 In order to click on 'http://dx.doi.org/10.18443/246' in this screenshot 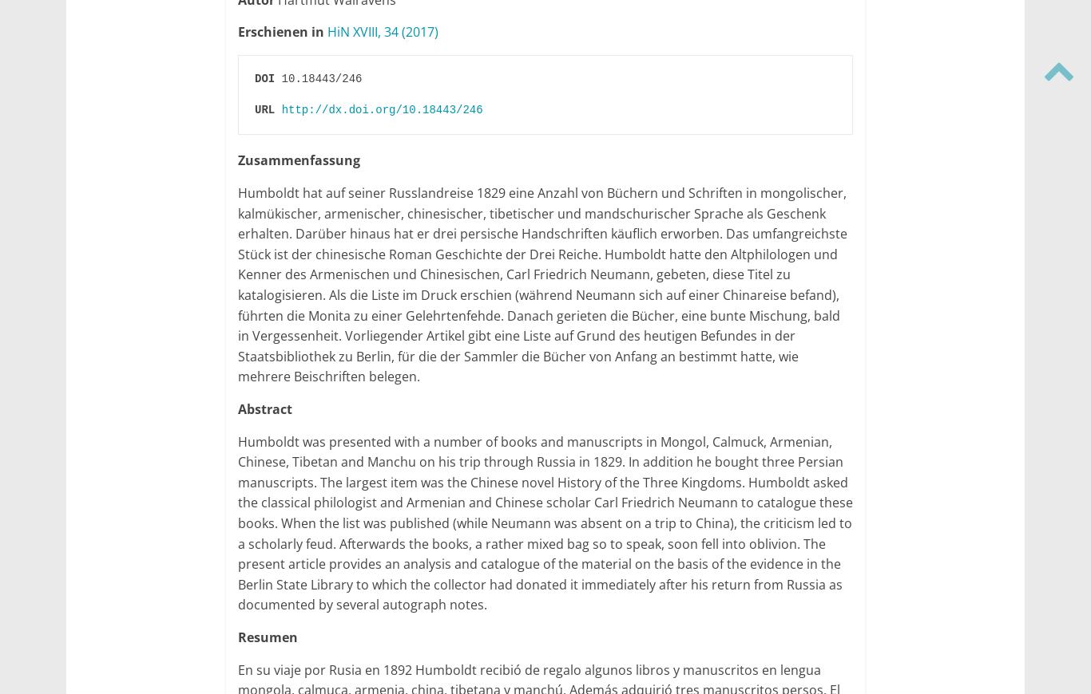, I will do `click(280, 108)`.